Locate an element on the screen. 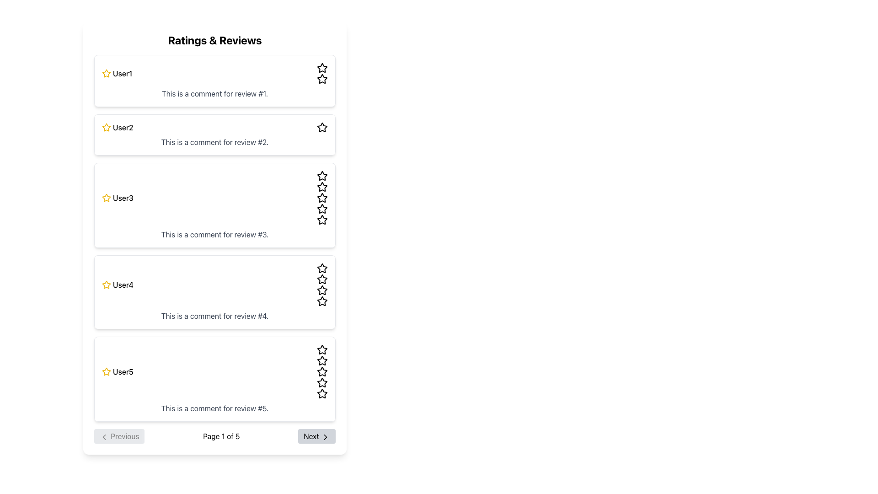 The height and width of the screenshot is (494, 878). the first star icon in the rating system for the review made by 'User3' to interact with the rating feature is located at coordinates (107, 197).